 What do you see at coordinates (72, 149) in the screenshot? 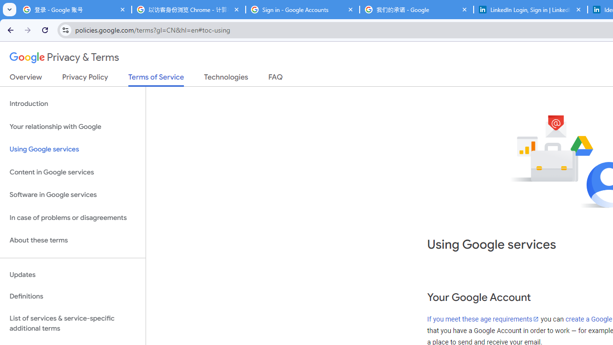
I see `'Using Google services'` at bounding box center [72, 149].